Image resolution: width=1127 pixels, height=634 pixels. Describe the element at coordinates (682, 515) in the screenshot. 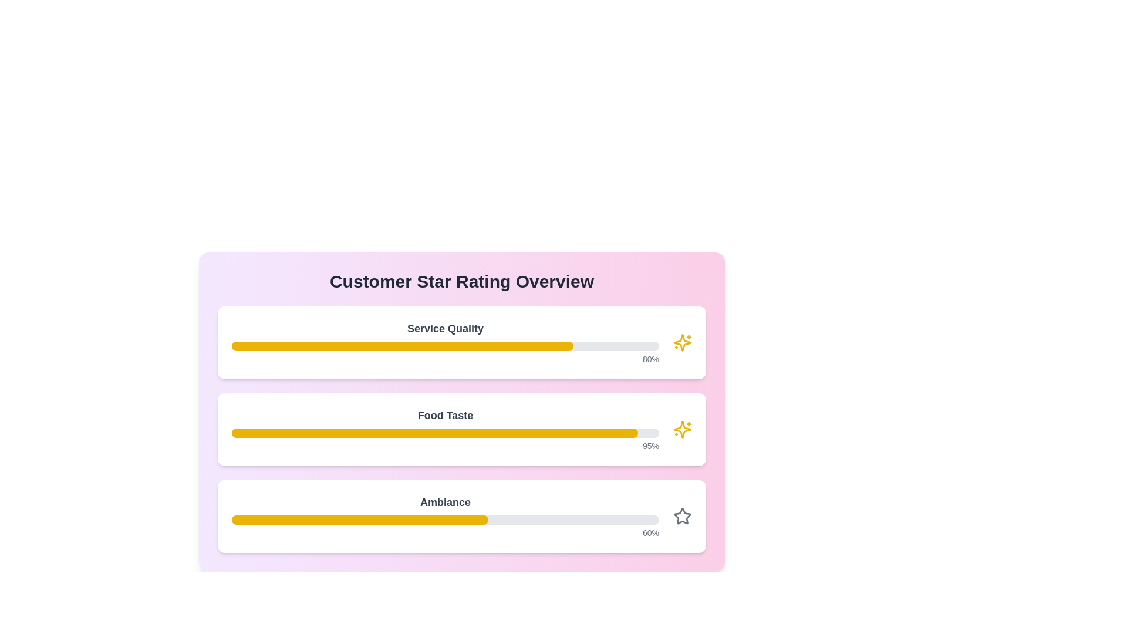

I see `the star icon outlined in gray, representing a favorite or rating symbol, located at the far right end of the 'Ambiance' rating bar component` at that location.